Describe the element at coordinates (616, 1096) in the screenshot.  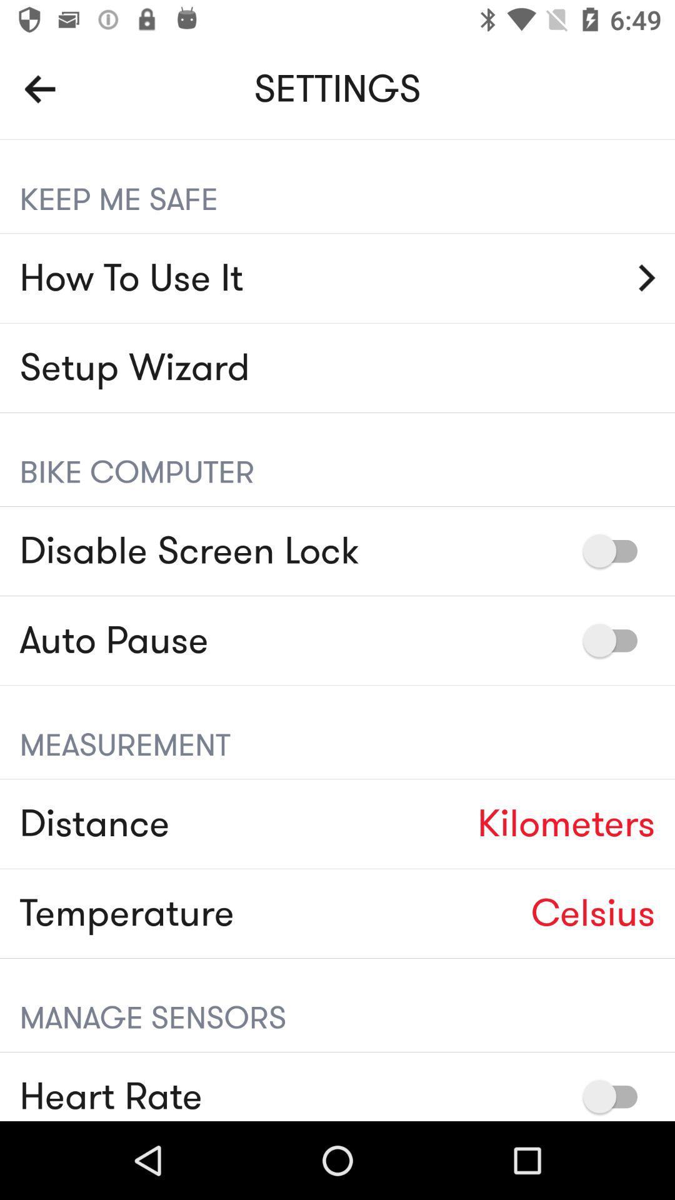
I see `heart-rate sensor` at that location.